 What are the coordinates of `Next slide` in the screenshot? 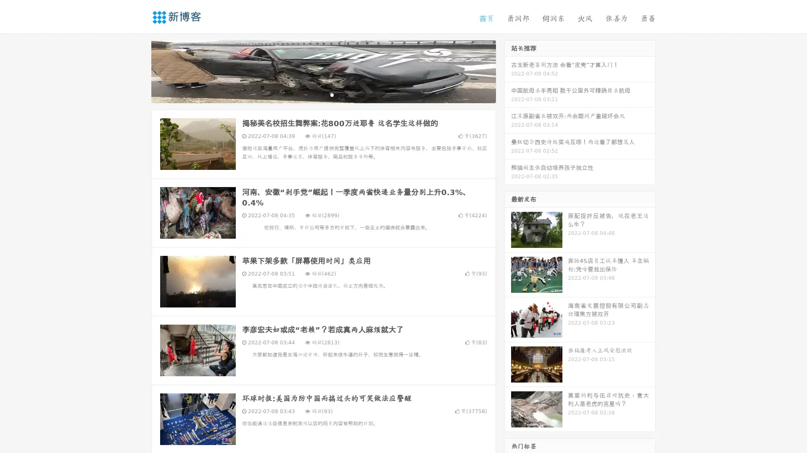 It's located at (508, 70).